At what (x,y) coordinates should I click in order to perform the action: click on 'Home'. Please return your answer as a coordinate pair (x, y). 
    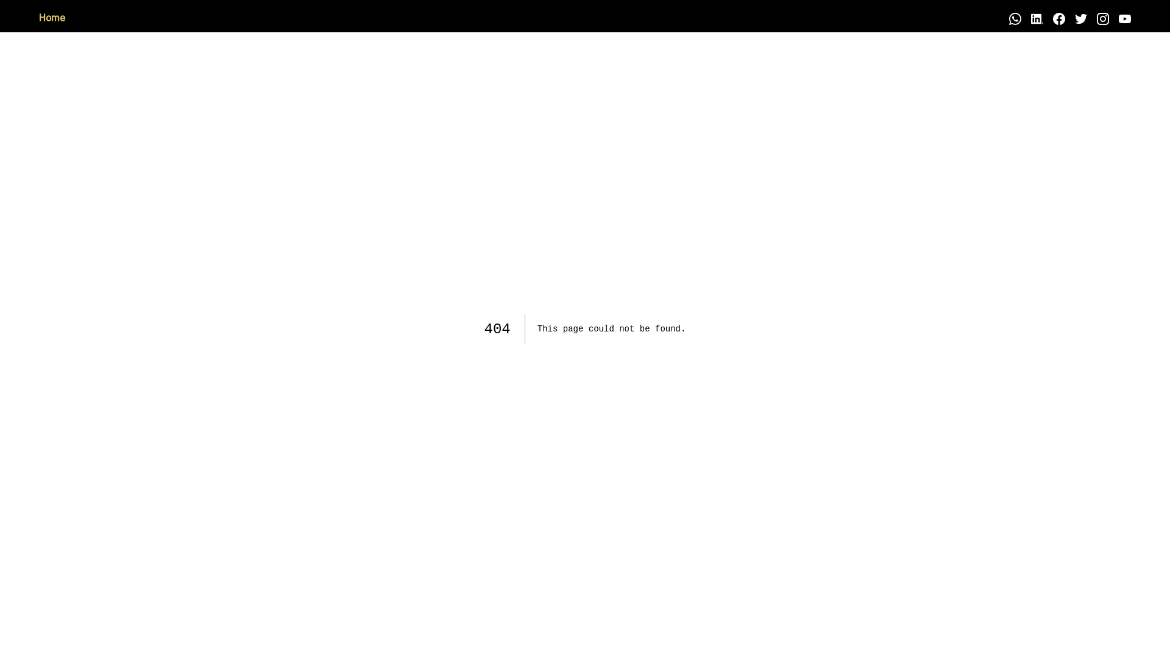
    Looking at the image, I should click on (51, 18).